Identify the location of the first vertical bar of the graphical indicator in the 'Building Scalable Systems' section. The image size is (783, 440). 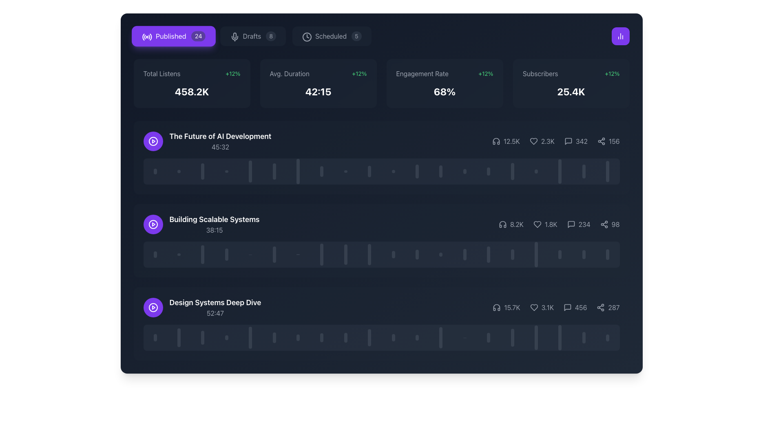
(155, 254).